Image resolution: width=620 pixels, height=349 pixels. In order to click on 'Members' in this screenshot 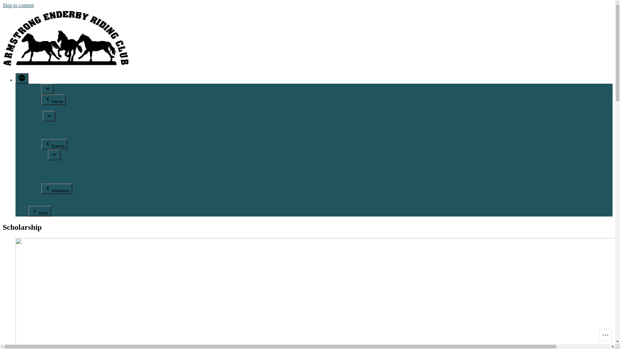, I will do `click(38, 156)`.